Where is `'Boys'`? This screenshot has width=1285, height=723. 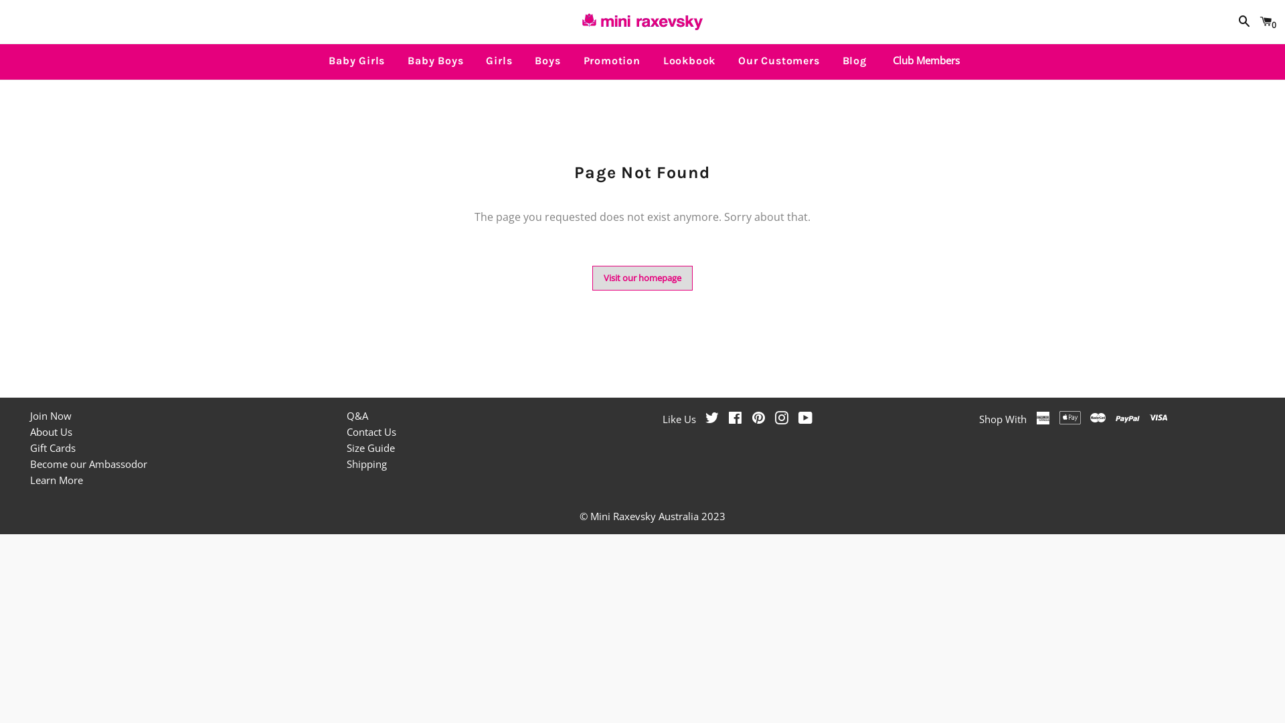
'Boys' is located at coordinates (547, 61).